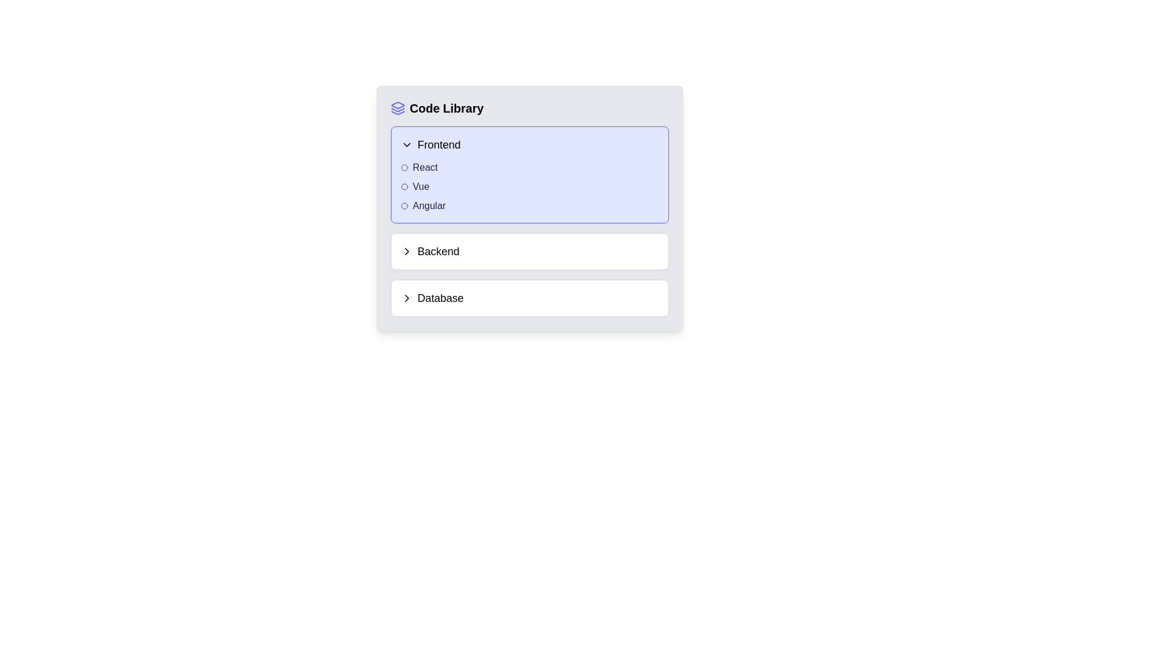 The height and width of the screenshot is (647, 1151). What do you see at coordinates (425, 168) in the screenshot?
I see `the static text label that reads 'React', which is the first item under the 'Frontend' section of the 'Code Library'` at bounding box center [425, 168].